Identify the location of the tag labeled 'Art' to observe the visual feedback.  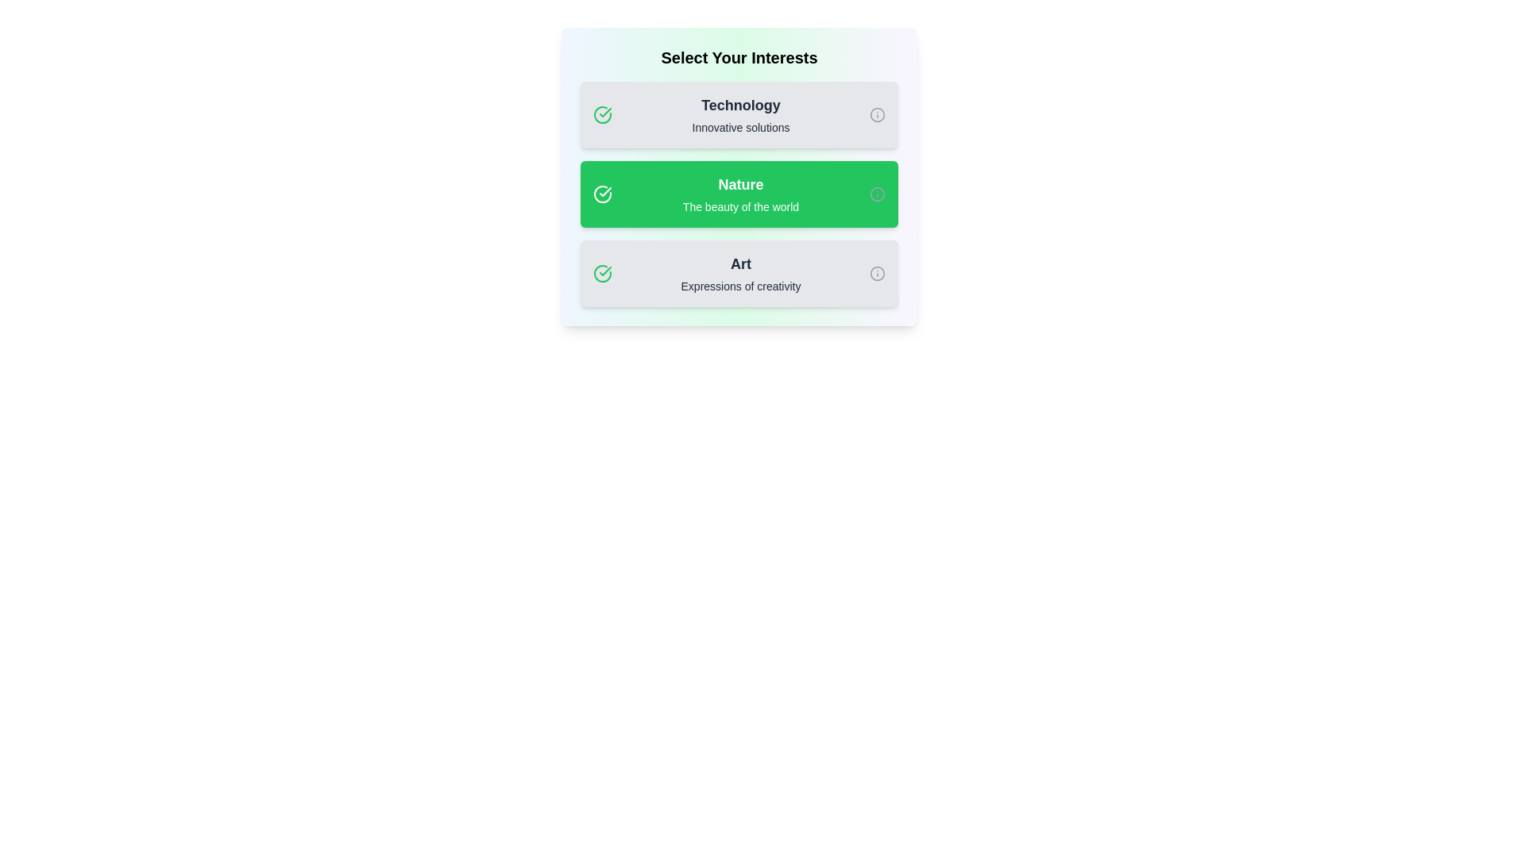
(739, 272).